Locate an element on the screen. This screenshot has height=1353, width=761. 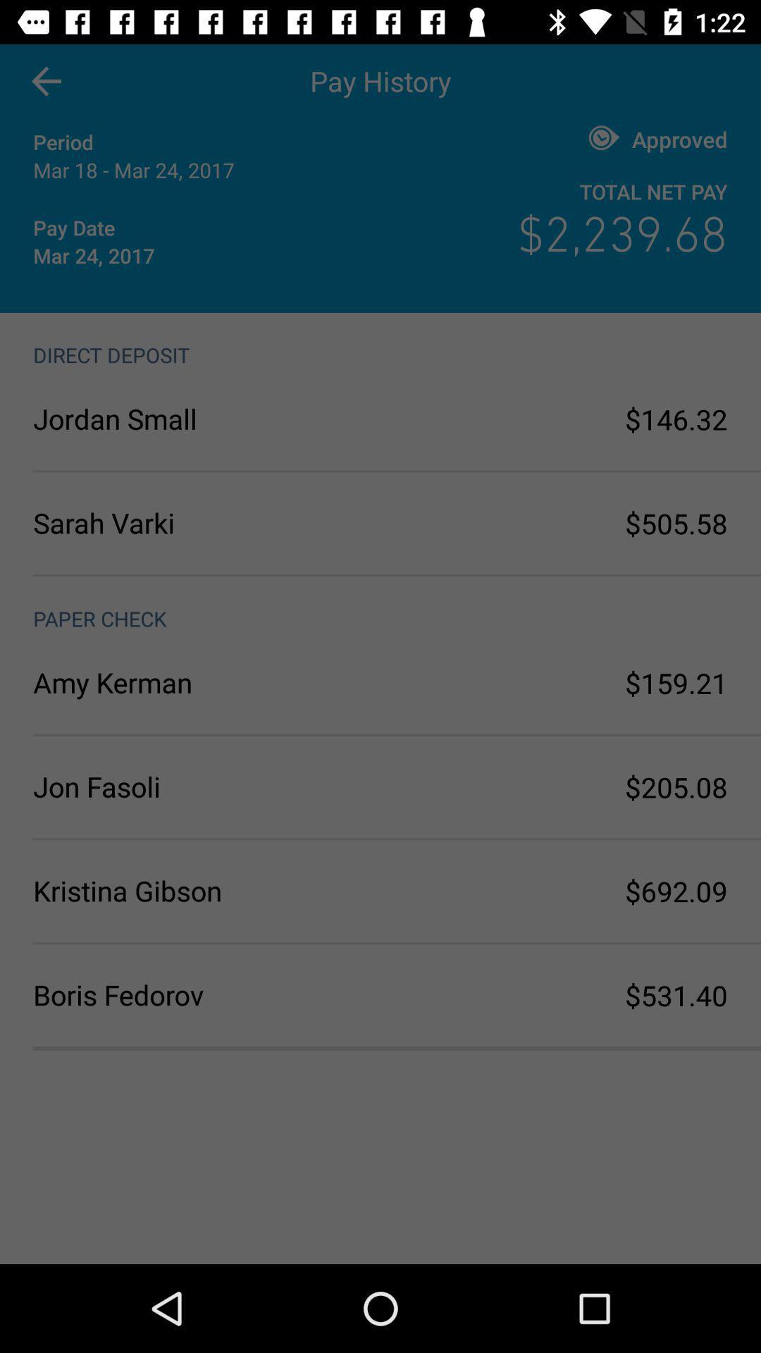
the amy kerman app is located at coordinates (206, 682).